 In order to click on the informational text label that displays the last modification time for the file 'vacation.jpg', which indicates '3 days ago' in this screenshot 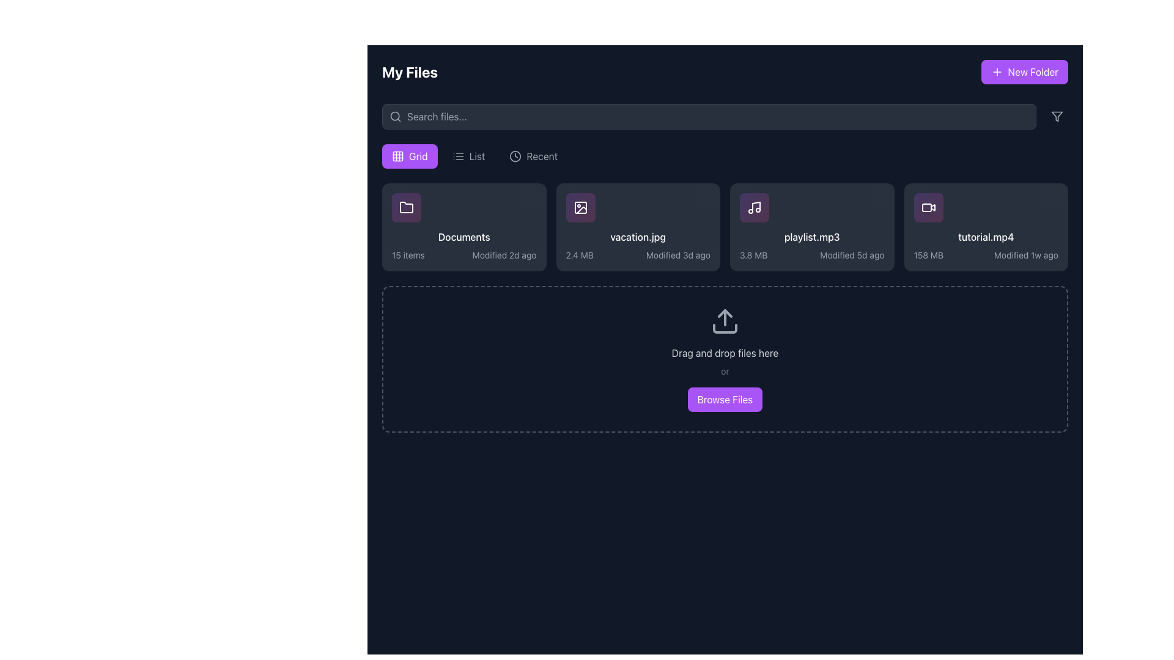, I will do `click(677, 254)`.